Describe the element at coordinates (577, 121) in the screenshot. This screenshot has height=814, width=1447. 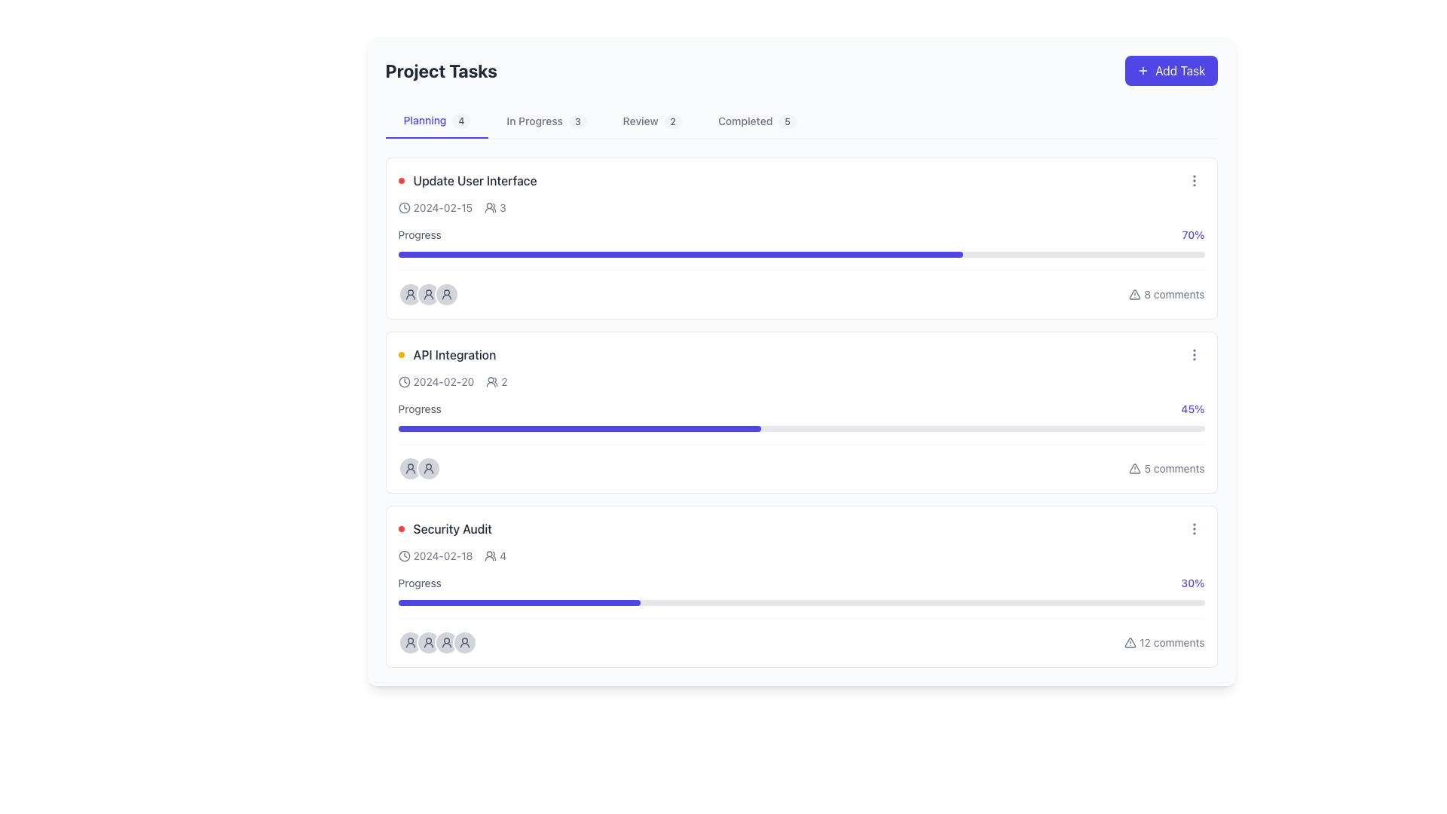
I see `the Count badge displaying the number '3' in the 'In Progress' tab of the navigation bar, which is positioned to the right of the 'In Progress' text label` at that location.